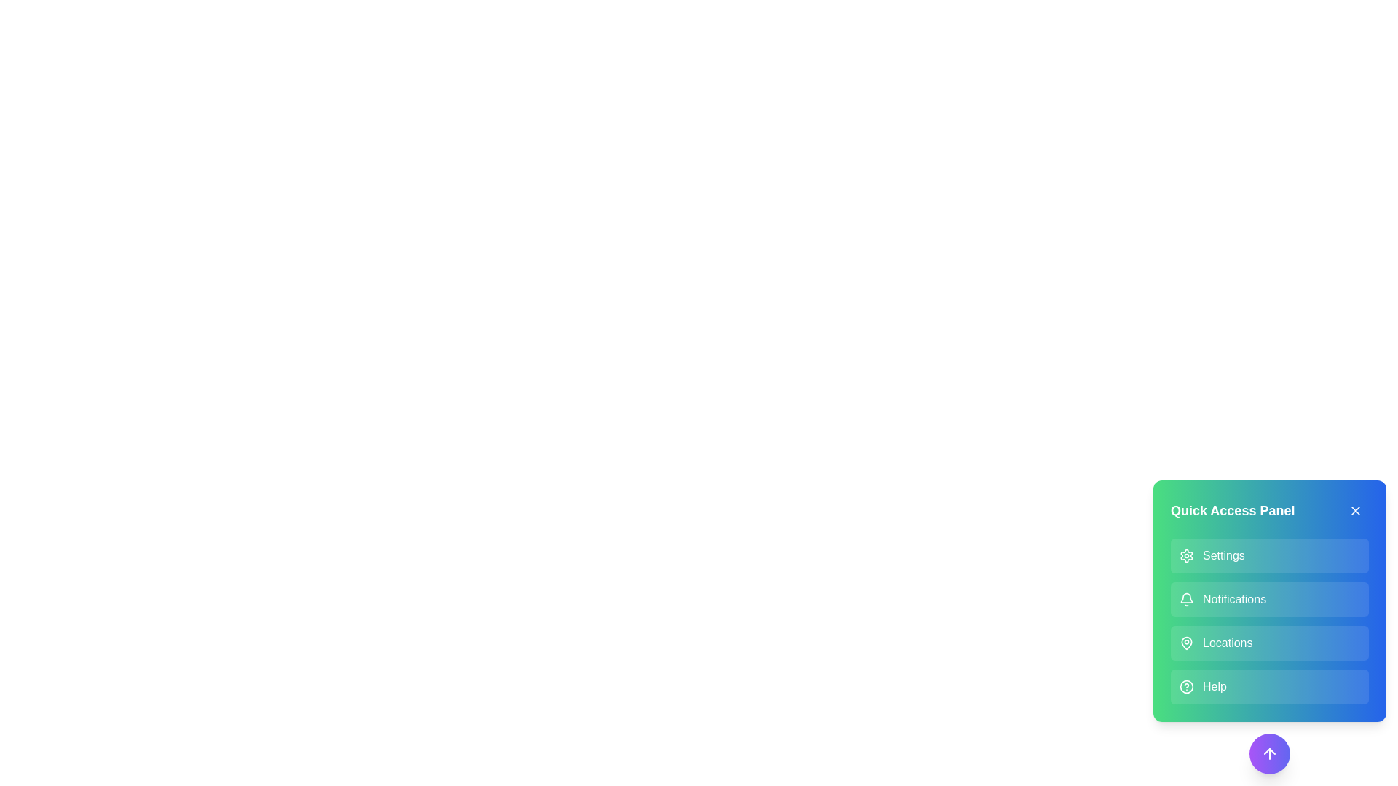  I want to click on the title text label located at the top-left corner of the panel, which serves as the clear label for the panel's functionality, so click(1232, 510).